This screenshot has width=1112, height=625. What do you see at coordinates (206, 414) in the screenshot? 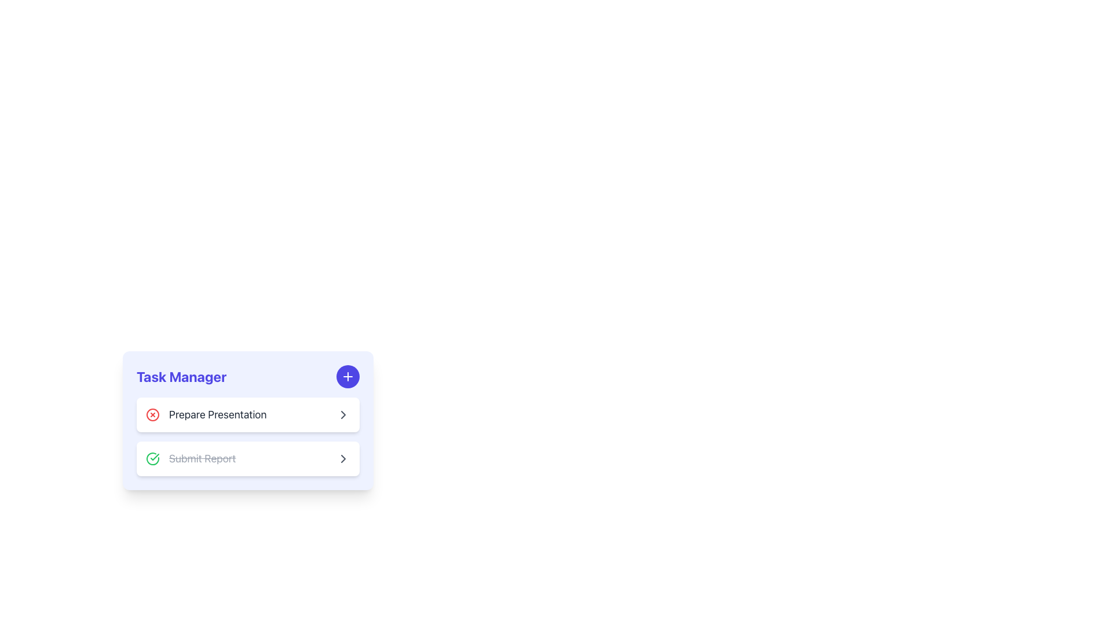
I see `the 'Prepare Presentation' task item for editing or managing by clicking on it` at bounding box center [206, 414].